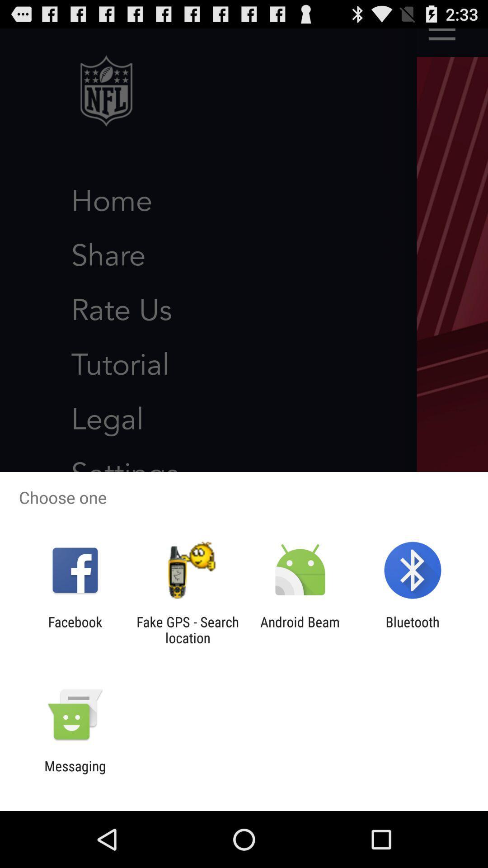 The width and height of the screenshot is (488, 868). What do you see at coordinates (187, 629) in the screenshot?
I see `fake gps search app` at bounding box center [187, 629].